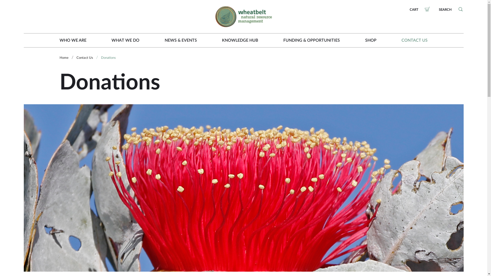 The width and height of the screenshot is (491, 276). Describe the element at coordinates (63, 57) in the screenshot. I see `'Home'` at that location.